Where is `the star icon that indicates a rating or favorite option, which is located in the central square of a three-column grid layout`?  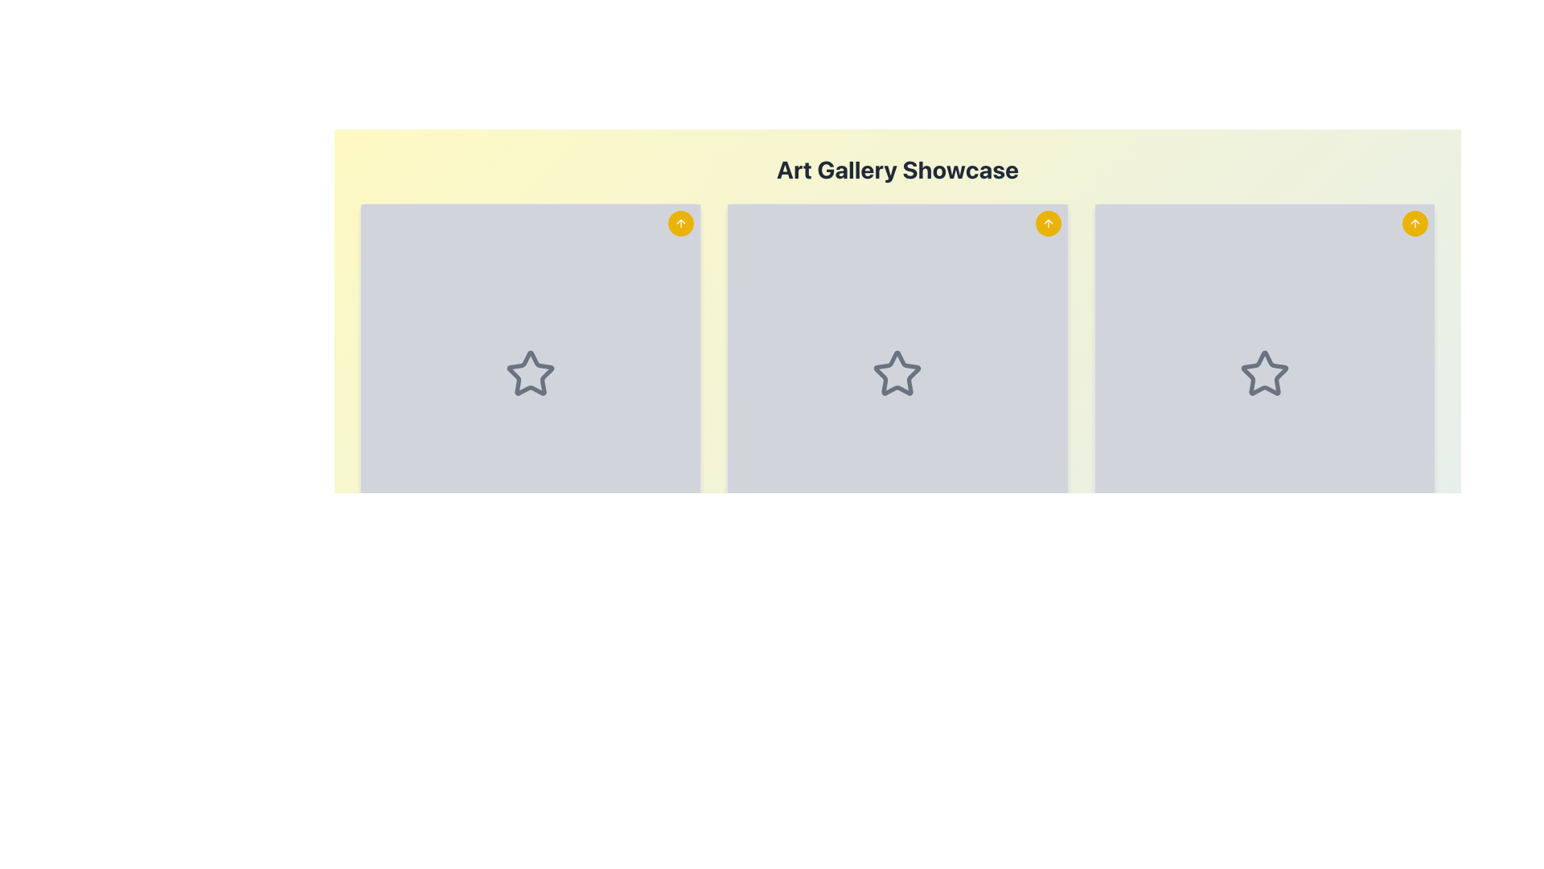 the star icon that indicates a rating or favorite option, which is located in the central square of a three-column grid layout is located at coordinates (897, 374).